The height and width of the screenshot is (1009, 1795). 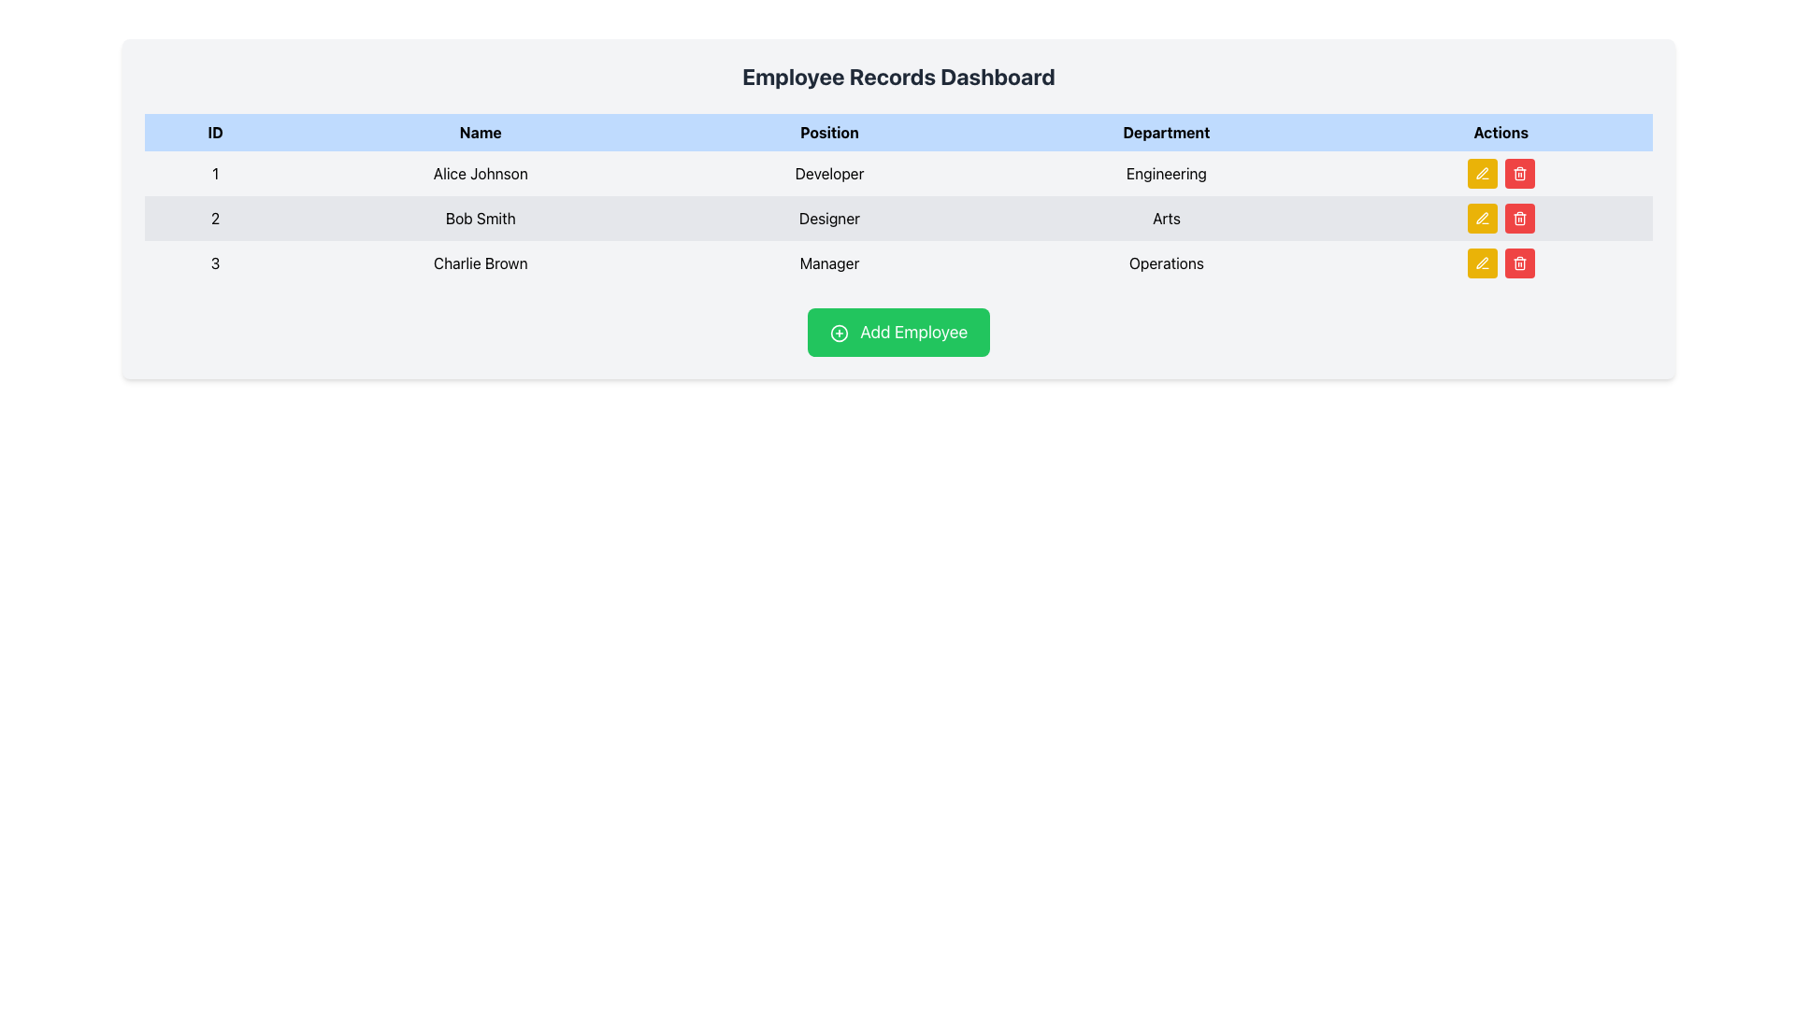 What do you see at coordinates (1519, 173) in the screenshot?
I see `the delete button located in the 'Actions' column of the second row in the table, which is next` at bounding box center [1519, 173].